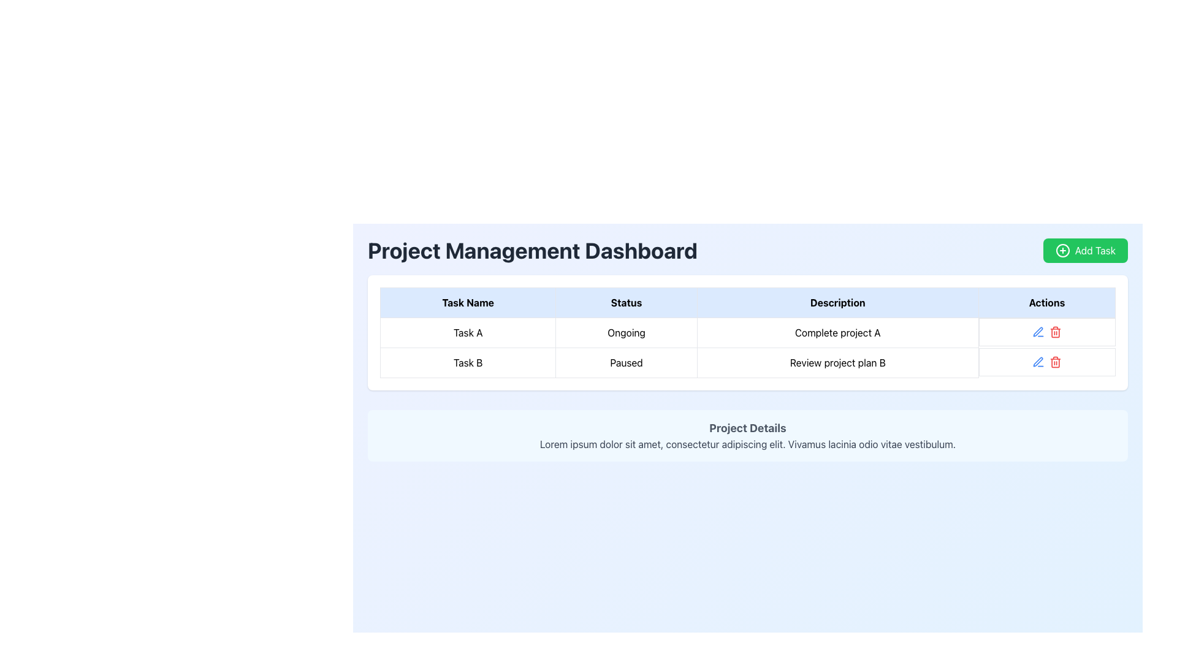  Describe the element at coordinates (1055, 362) in the screenshot. I see `the trash bin icon in the 'Actions' column for the 'Task B' entry in the table` at that location.